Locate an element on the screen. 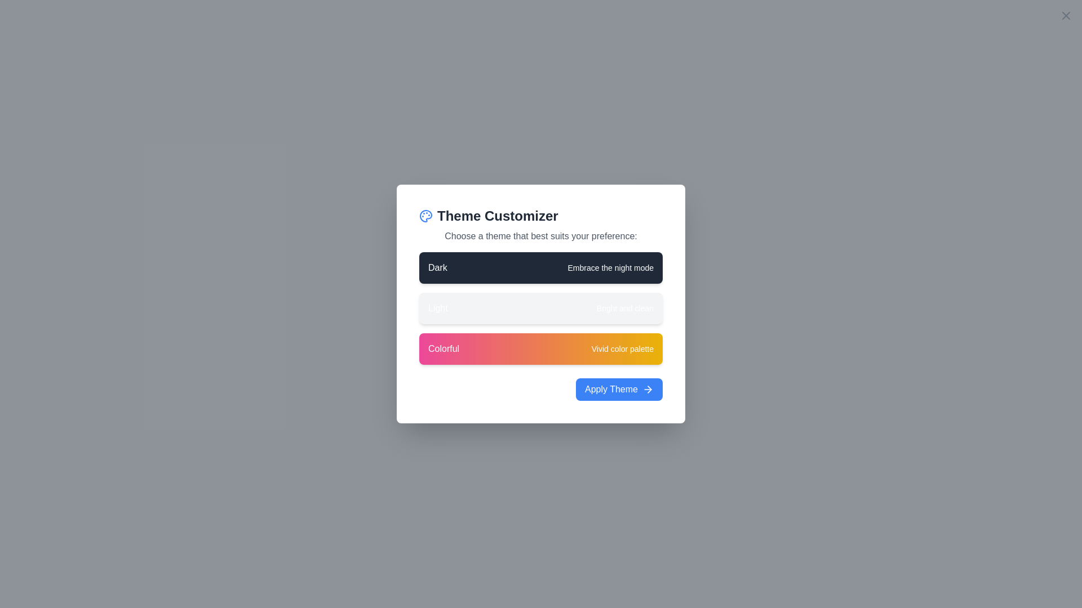  the descriptive text label that elaborates on the 'Colorful' theme option is located at coordinates (622, 348).